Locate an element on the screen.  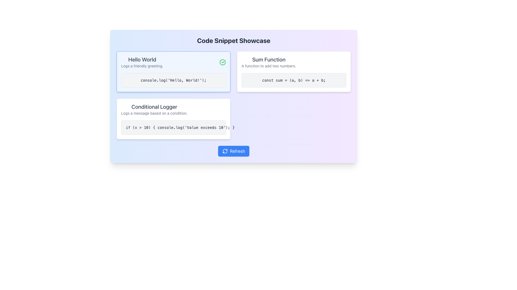
the Text Block that describes the 'Conditional Logger' code snippet, located below the 'Hello World' element in the 'Code Snippet Showcase' interface is located at coordinates (154, 109).